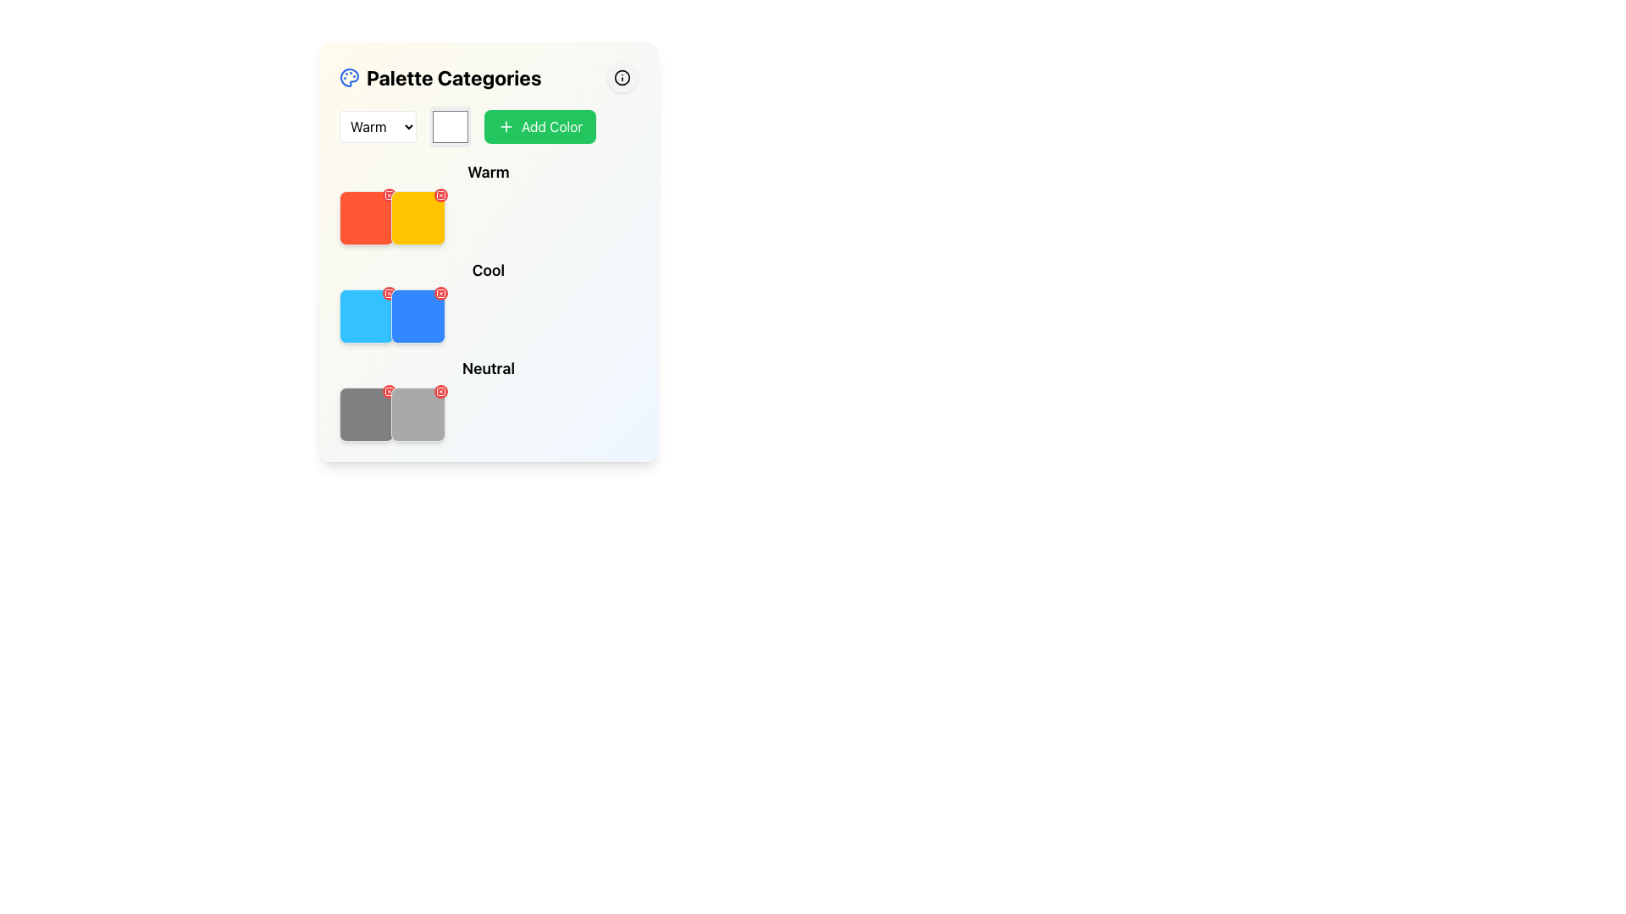 The width and height of the screenshot is (1626, 914). I want to click on the first selectable color swatch in the 'Neutral' row of the 'Palette Categories' section, so click(365, 414).